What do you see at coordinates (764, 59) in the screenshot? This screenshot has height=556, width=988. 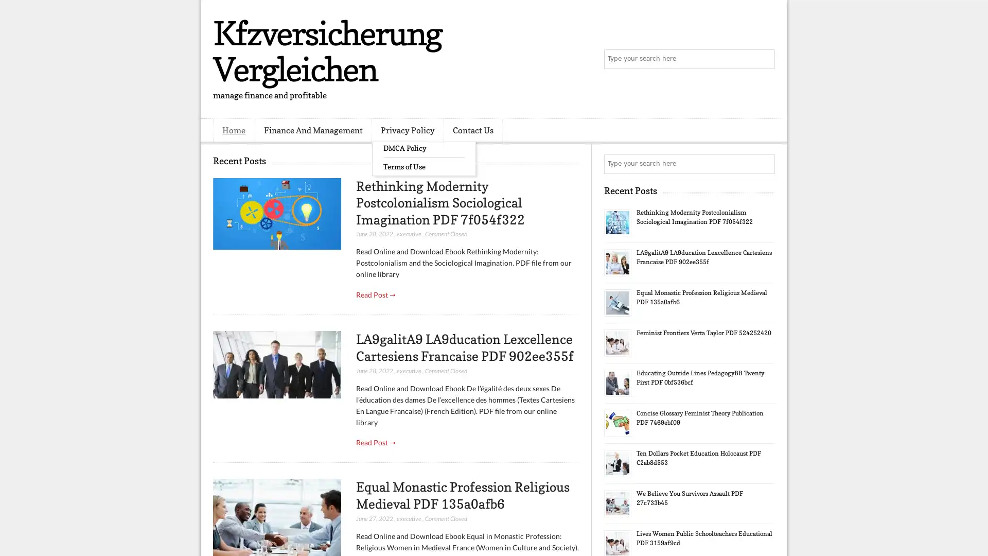 I see `Search` at bounding box center [764, 59].